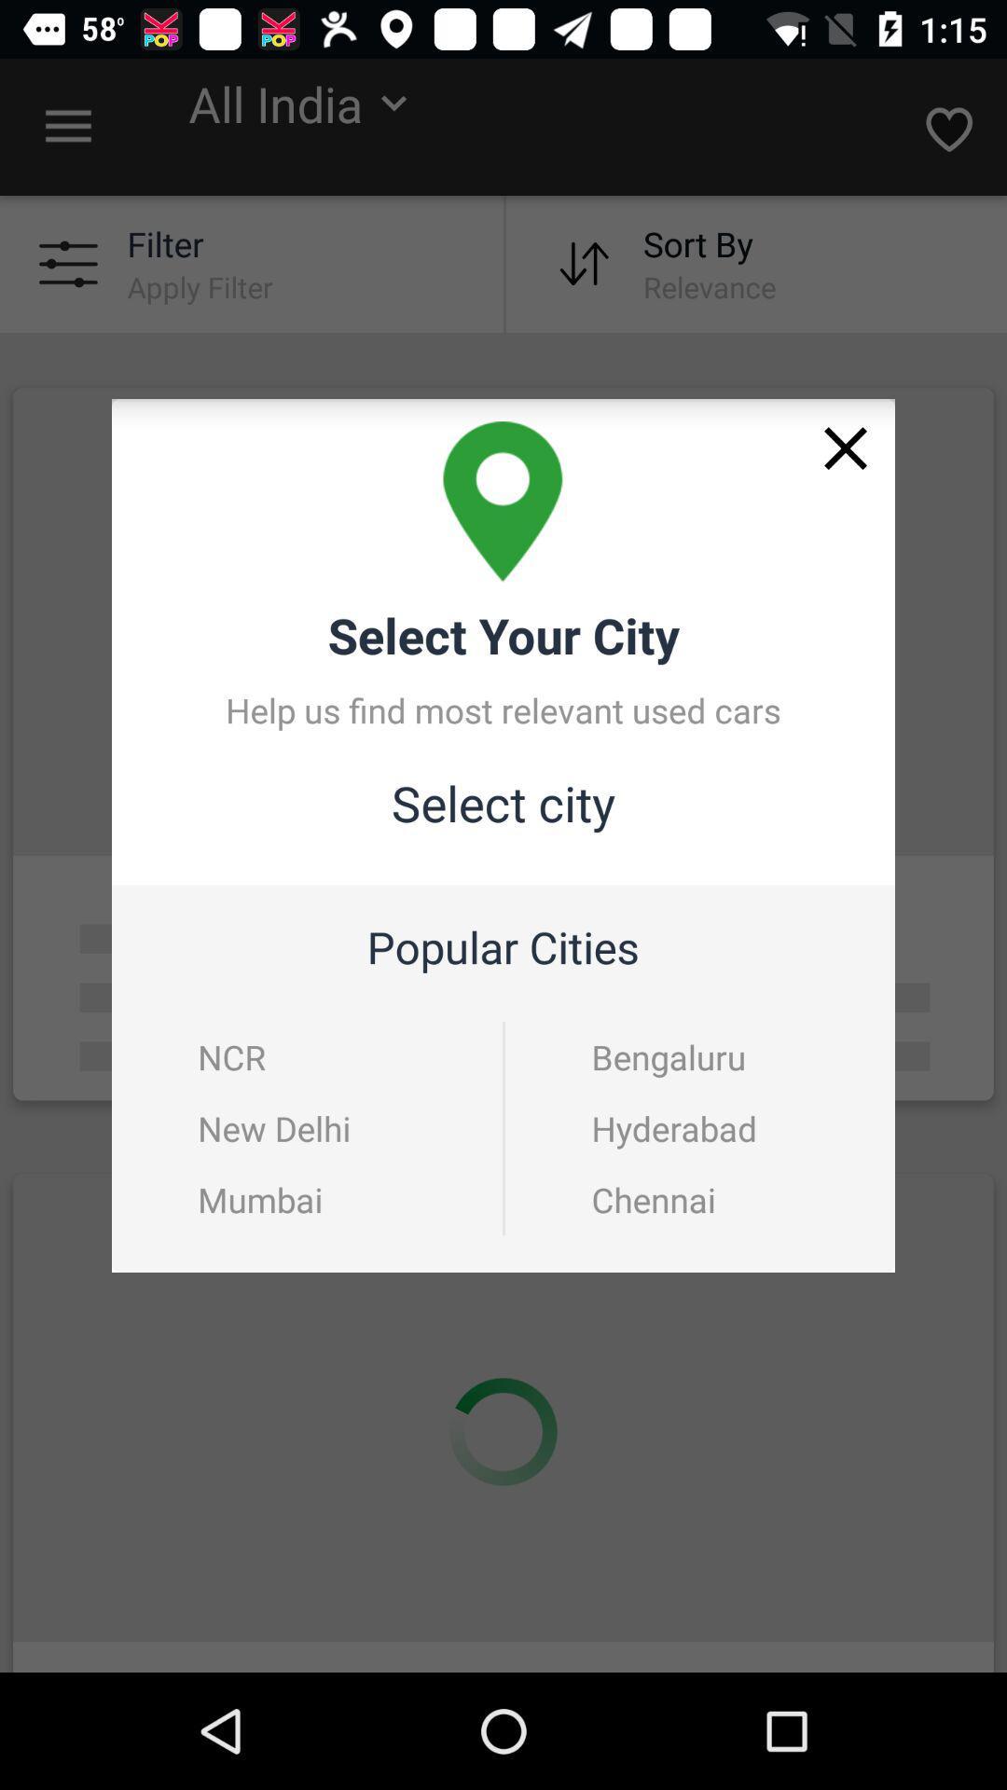  Describe the element at coordinates (701, 1056) in the screenshot. I see `the bengaluru` at that location.